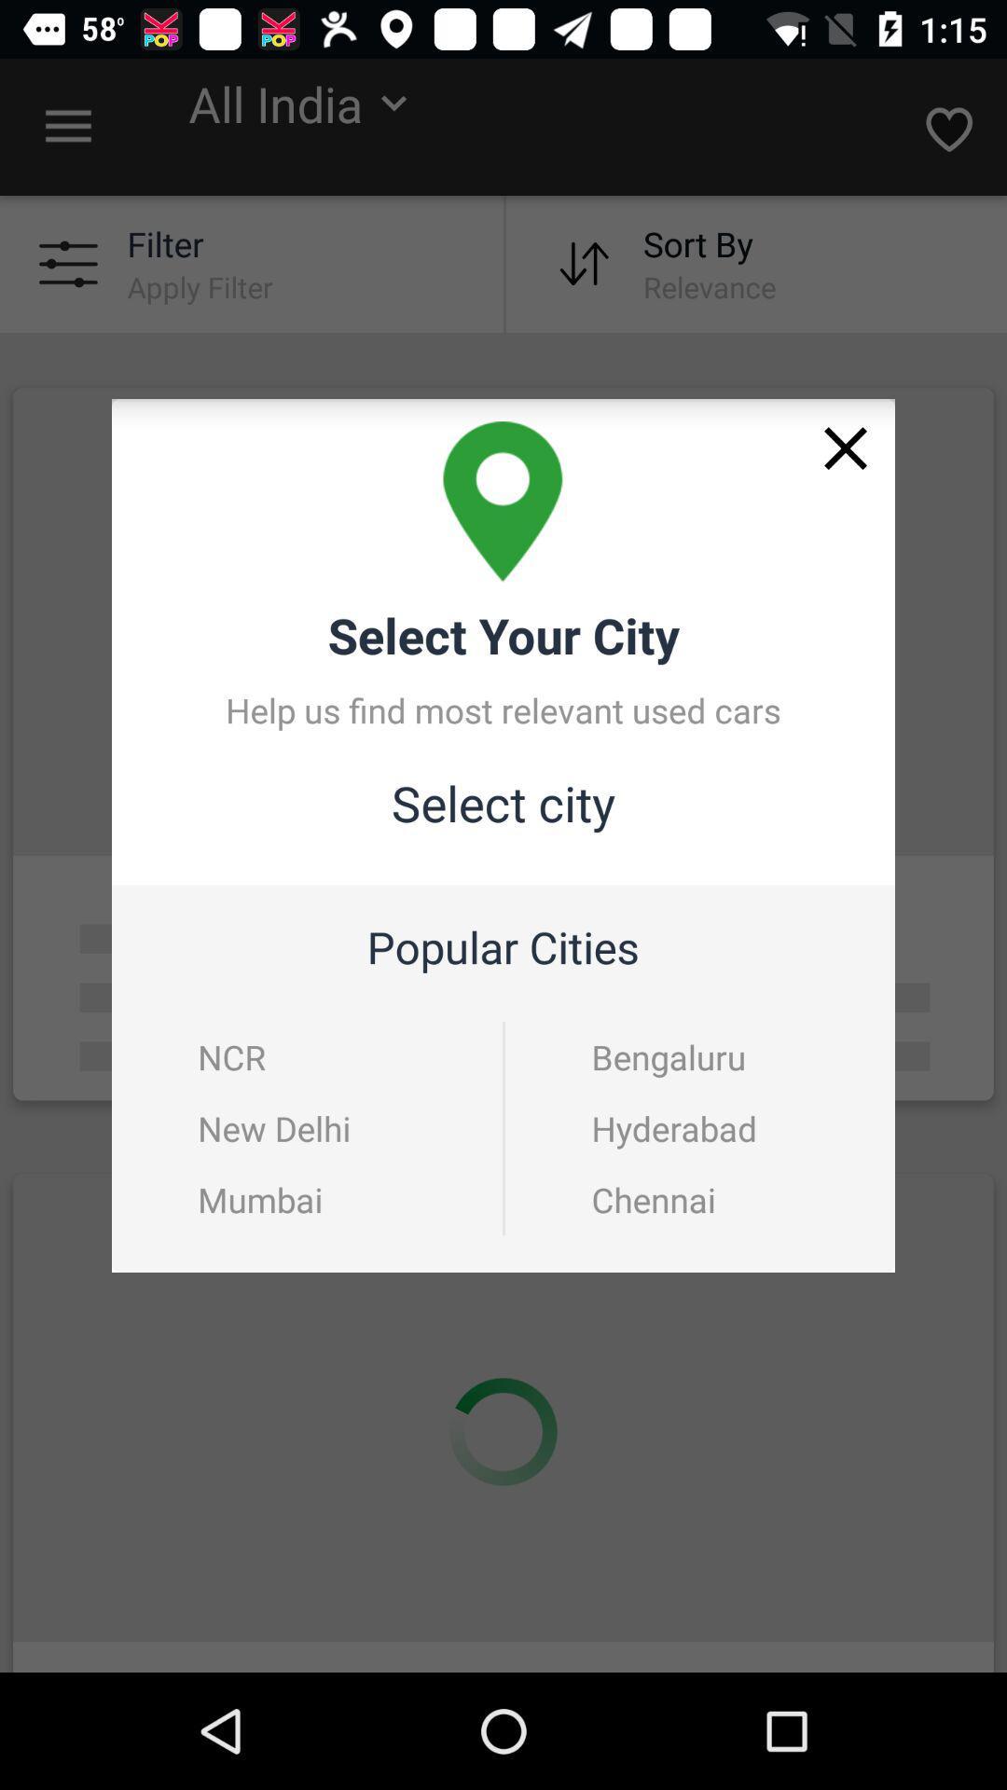  Describe the element at coordinates (701, 1056) in the screenshot. I see `the bengaluru` at that location.